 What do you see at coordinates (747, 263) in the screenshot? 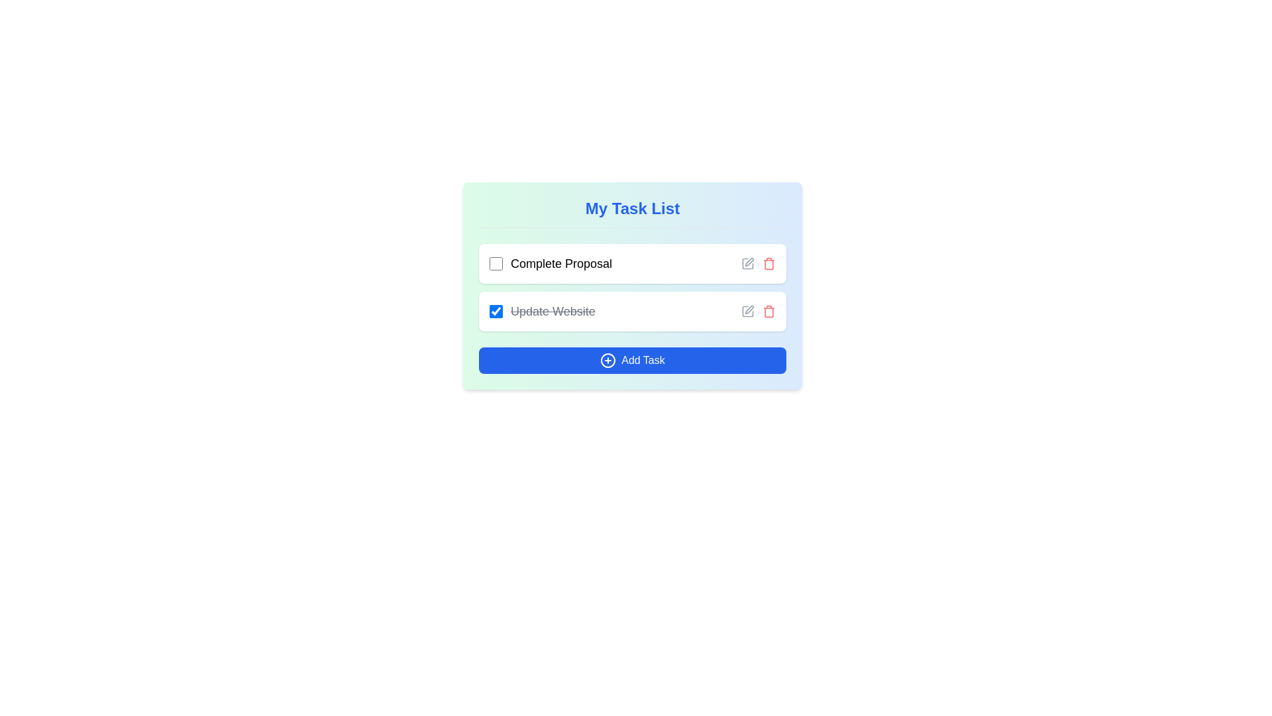
I see `the edit button located in the upper row of the task list, adjacent to the 'Complete Proposal' task` at bounding box center [747, 263].